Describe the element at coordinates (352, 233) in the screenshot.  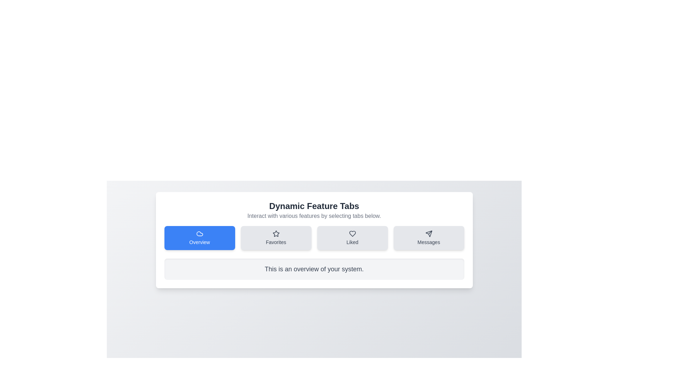
I see `the 'Liked' icon located in the third column of the tab-like navigation bar, positioned above the label text 'Liked'` at that location.